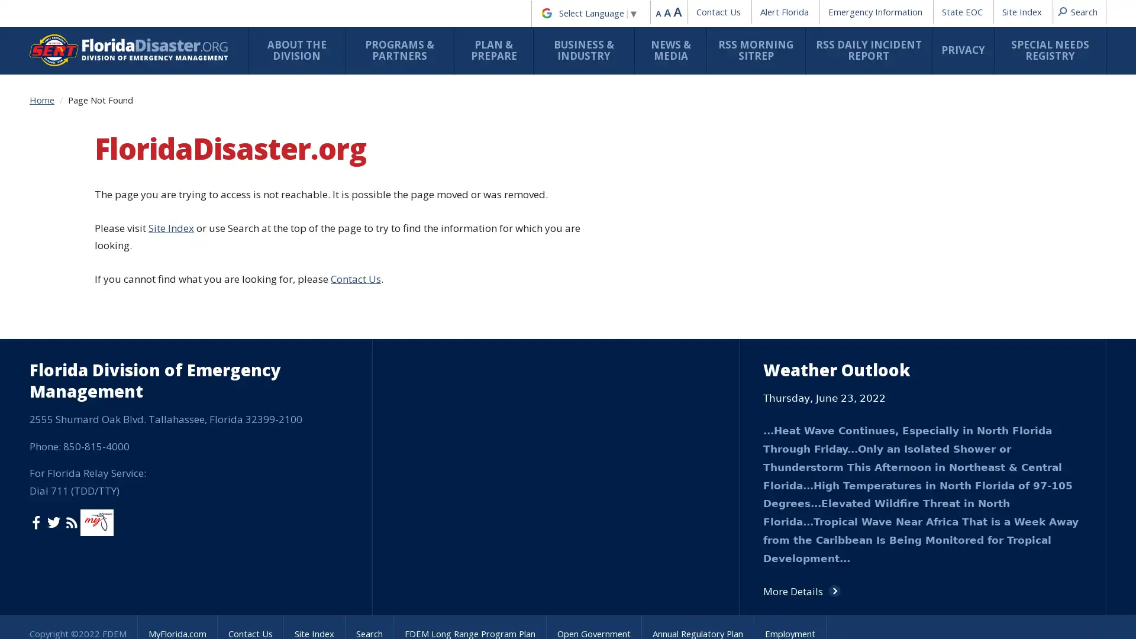  Describe the element at coordinates (474, 196) in the screenshot. I see `Toggle More` at that location.